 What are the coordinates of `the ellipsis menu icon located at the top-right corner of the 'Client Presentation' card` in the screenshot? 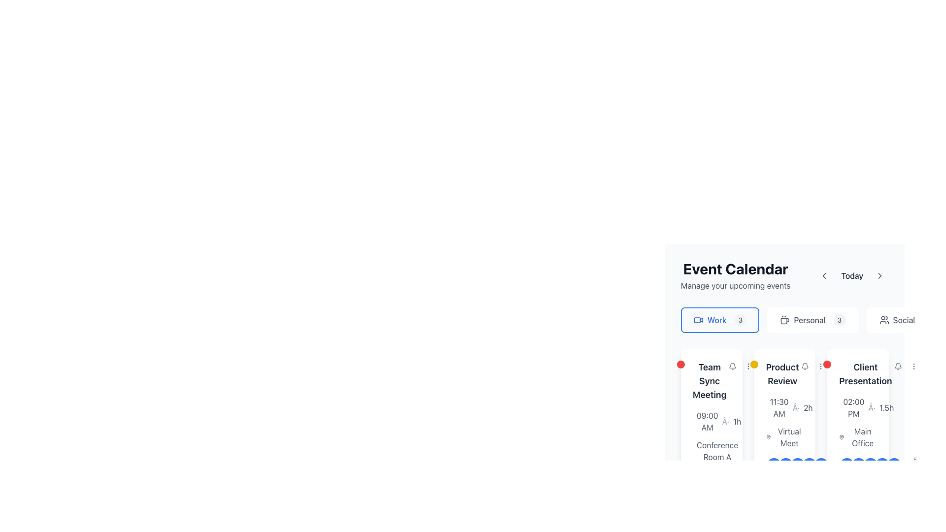 It's located at (913, 366).